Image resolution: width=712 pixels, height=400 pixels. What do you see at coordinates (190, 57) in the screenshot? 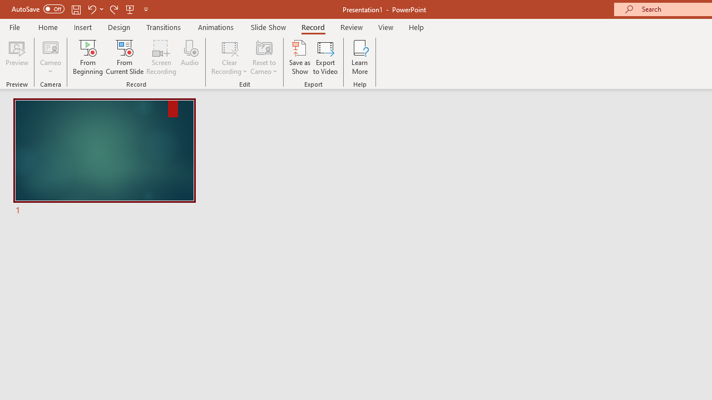
I see `'Audio'` at bounding box center [190, 57].